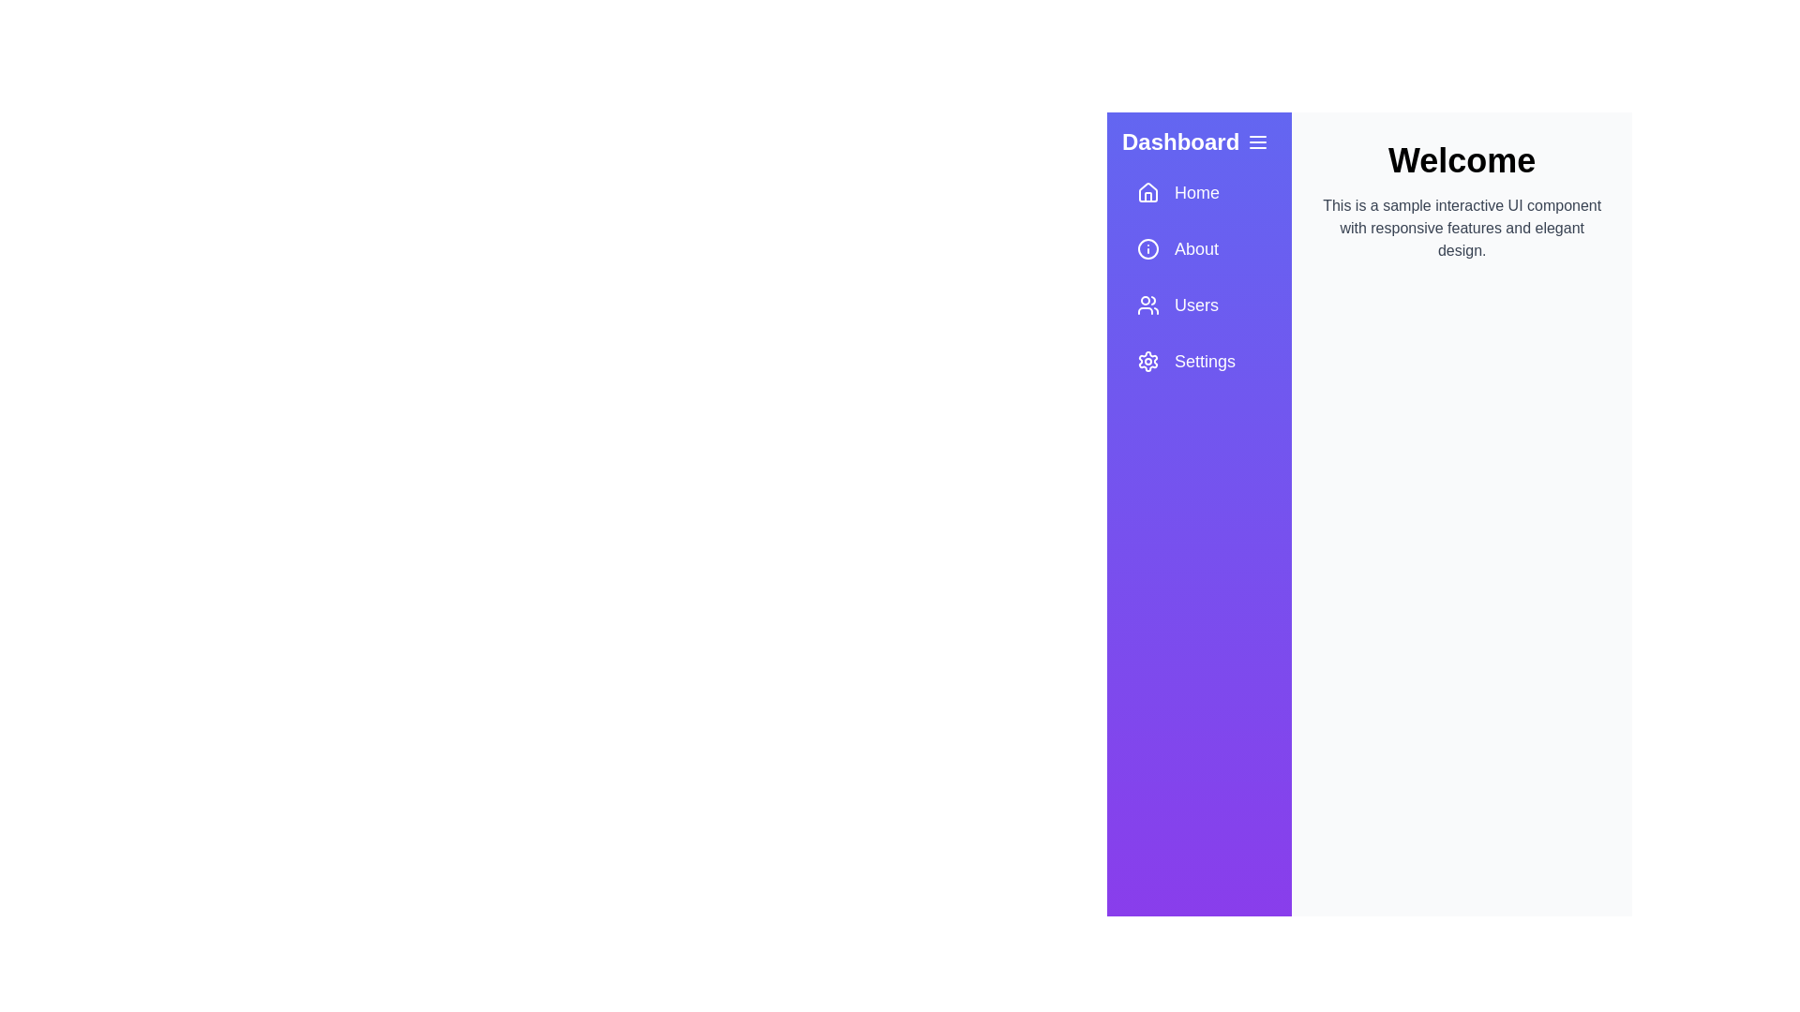 This screenshot has height=1012, width=1800. Describe the element at coordinates (1198, 305) in the screenshot. I see `the navigation item Users to trigger its action` at that location.